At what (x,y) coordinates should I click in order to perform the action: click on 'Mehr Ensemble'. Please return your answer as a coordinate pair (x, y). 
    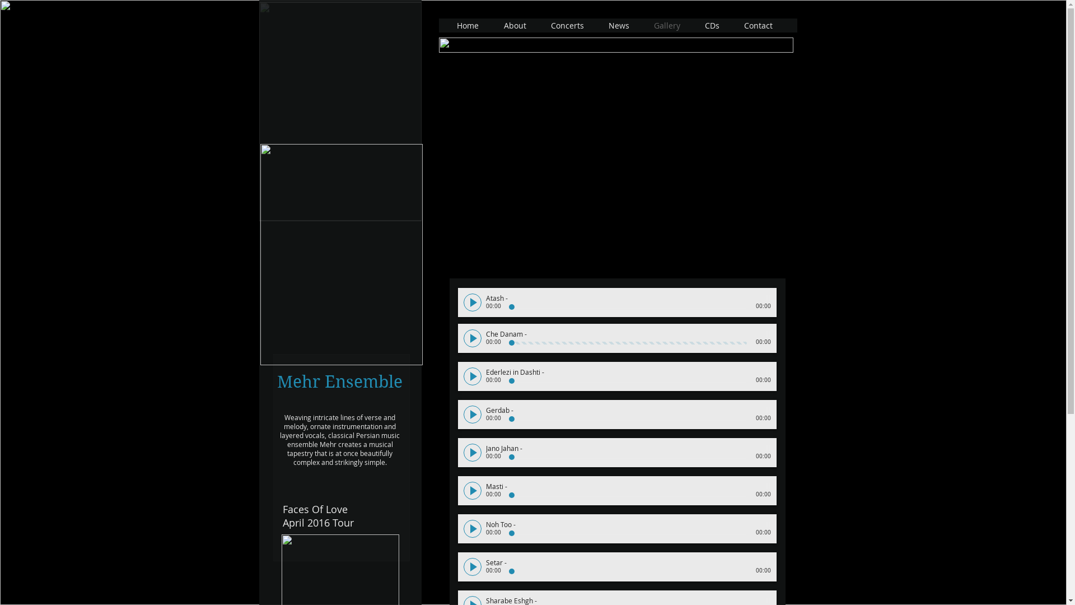
    Looking at the image, I should click on (340, 254).